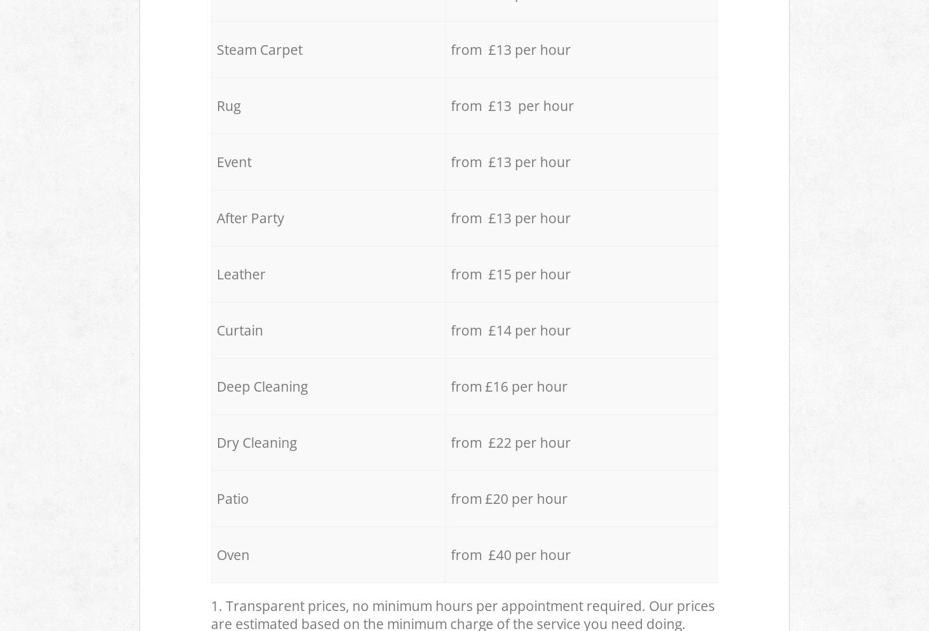 The height and width of the screenshot is (631, 929). I want to click on 'from £20 per hour', so click(509, 497).